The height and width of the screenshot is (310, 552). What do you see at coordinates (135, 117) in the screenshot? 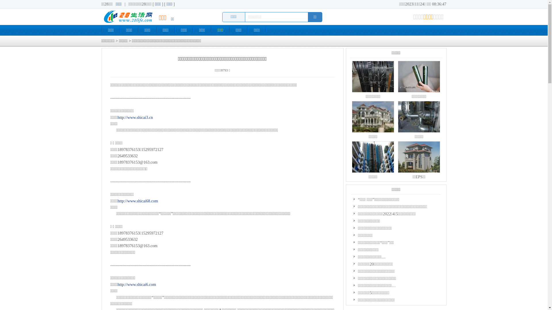
I see `'http://www.shicai3.cn'` at bounding box center [135, 117].